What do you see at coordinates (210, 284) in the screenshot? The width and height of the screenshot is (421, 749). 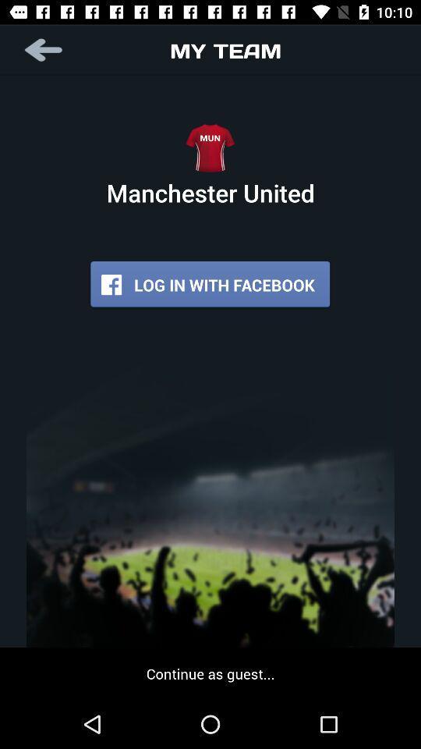 I see `icon below the manchester united` at bounding box center [210, 284].